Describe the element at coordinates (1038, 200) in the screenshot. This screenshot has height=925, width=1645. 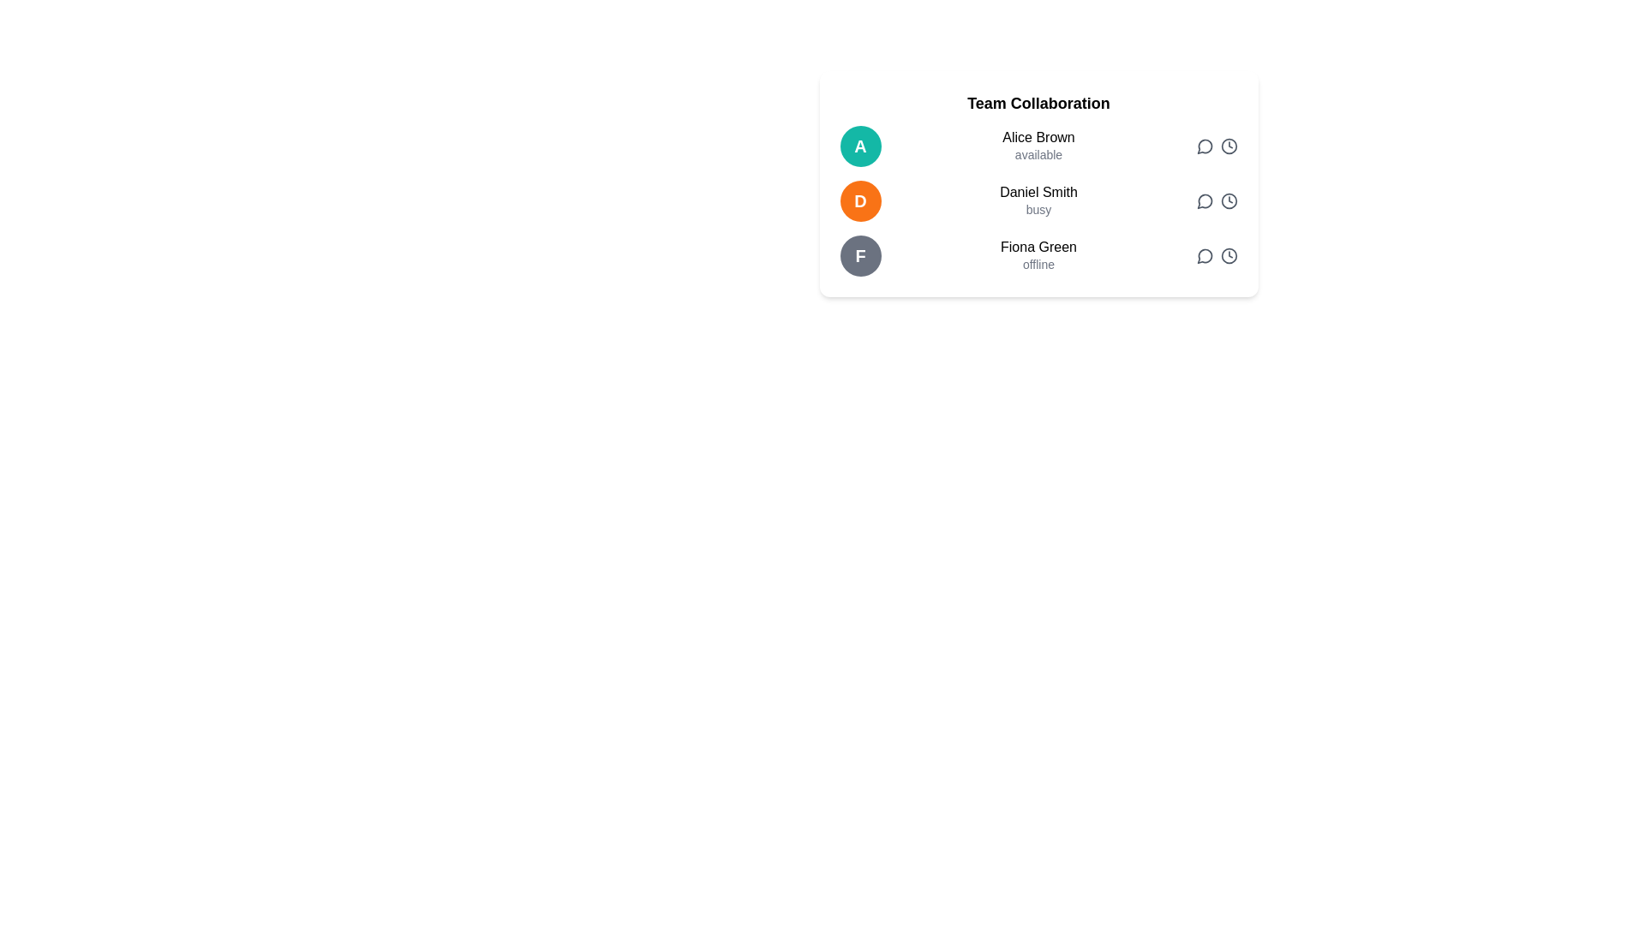
I see `the second list entry for team member 'Daniel Smith' in the team collaboration interface` at that location.